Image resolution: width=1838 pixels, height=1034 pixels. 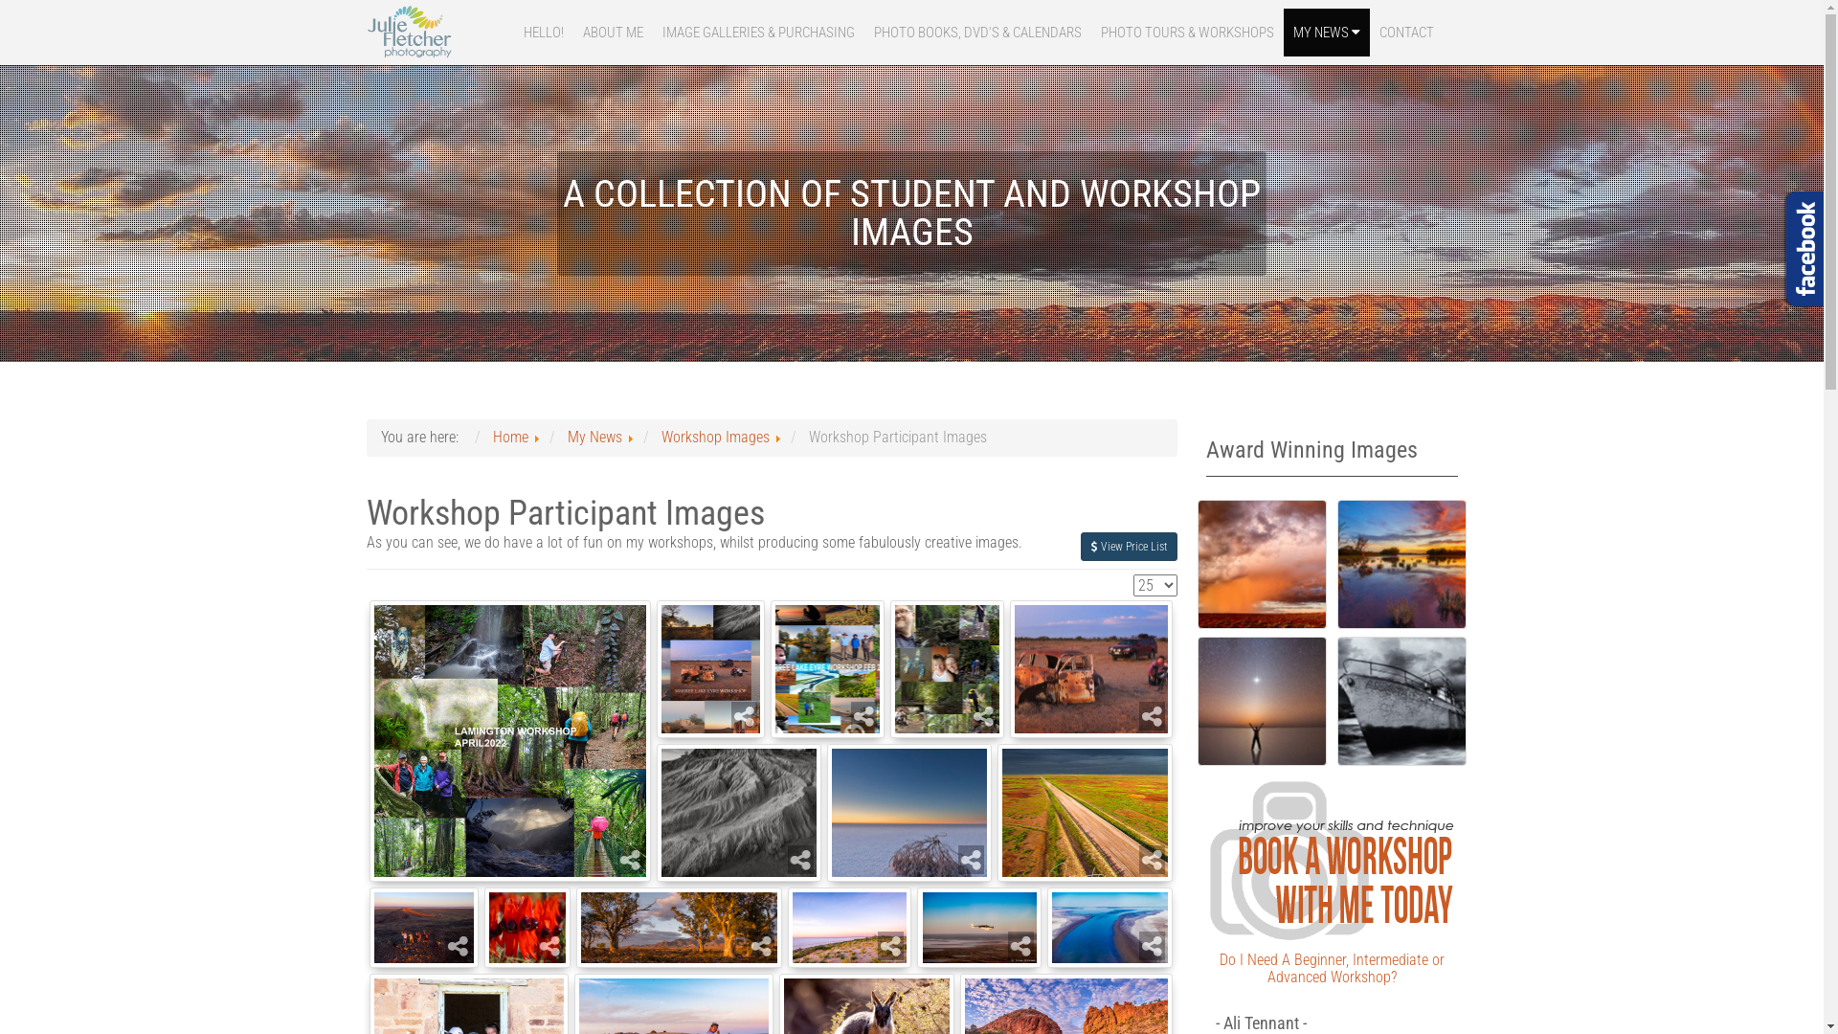 What do you see at coordinates (1405, 33) in the screenshot?
I see `'CONTACT'` at bounding box center [1405, 33].